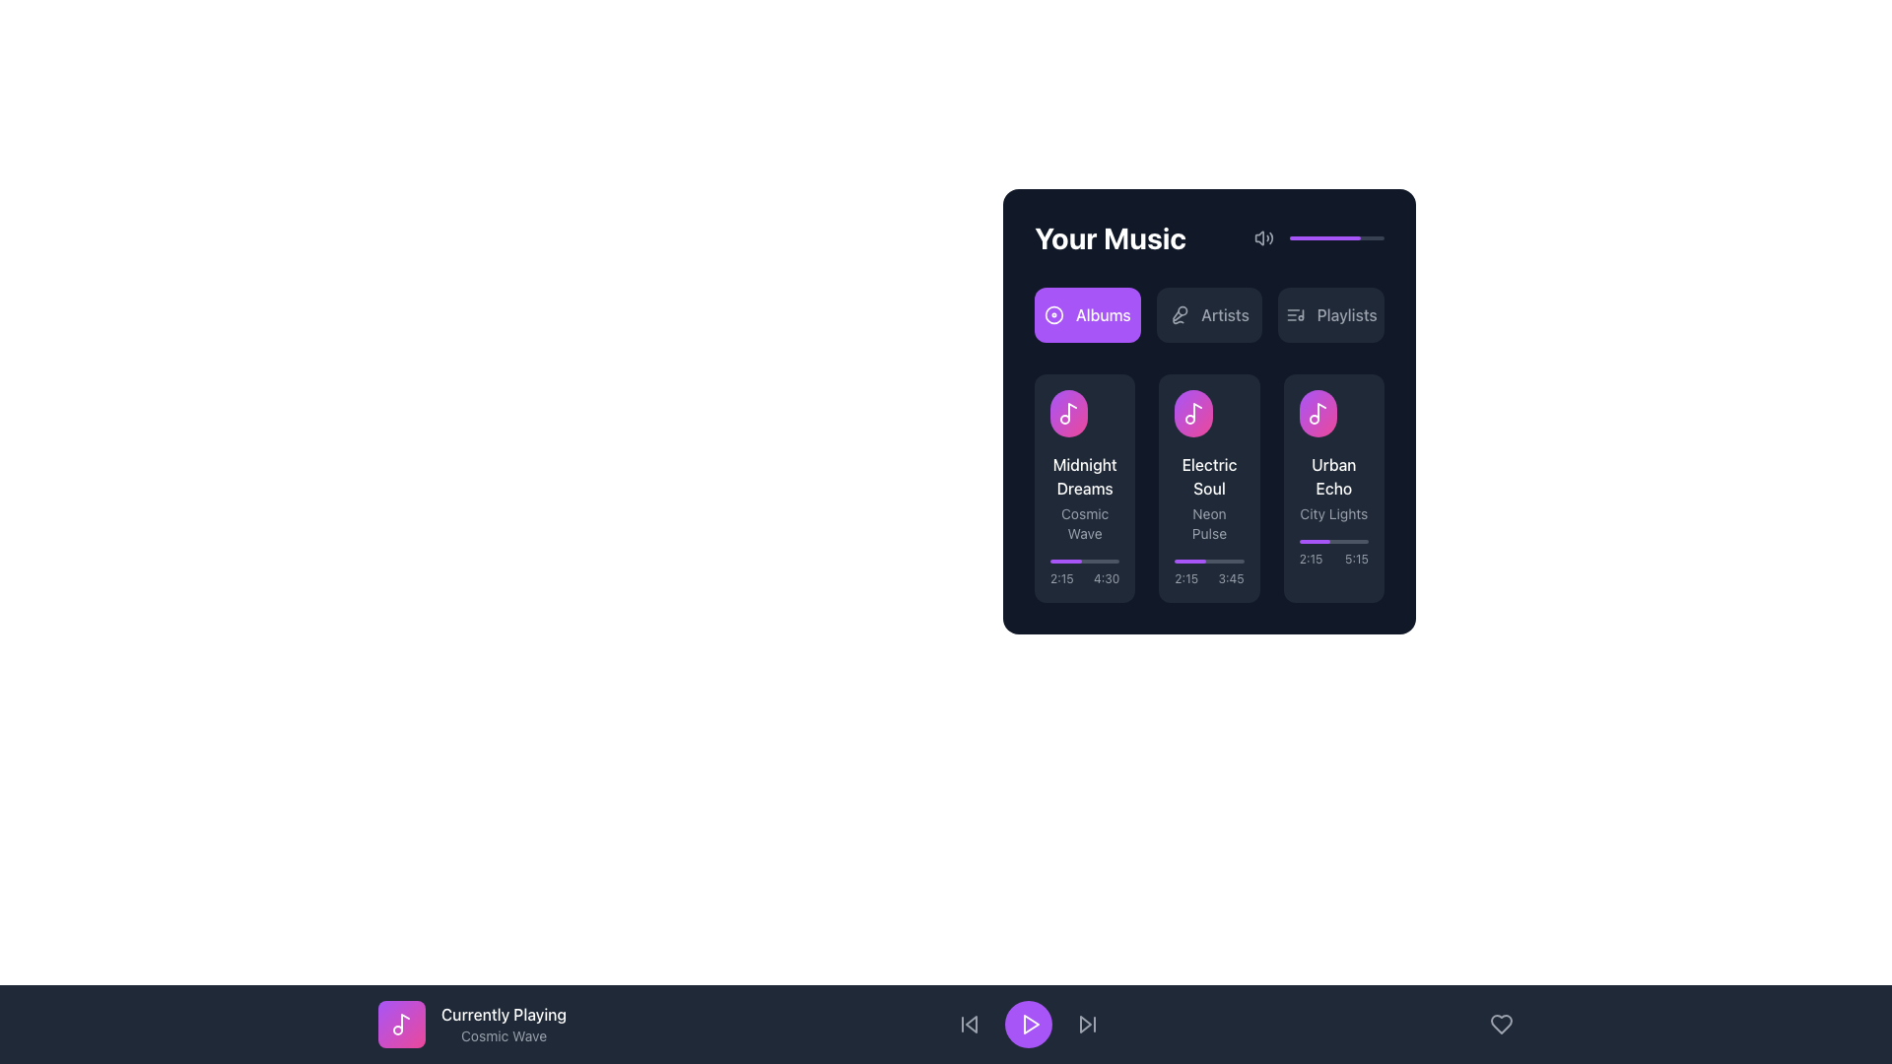 The image size is (1892, 1064). Describe the element at coordinates (1208, 413) in the screenshot. I see `the circular icon with a gradient fill from purple to pink, containing a white musical note symbol, located in the 'Electric Soul' music card for details or options` at that location.